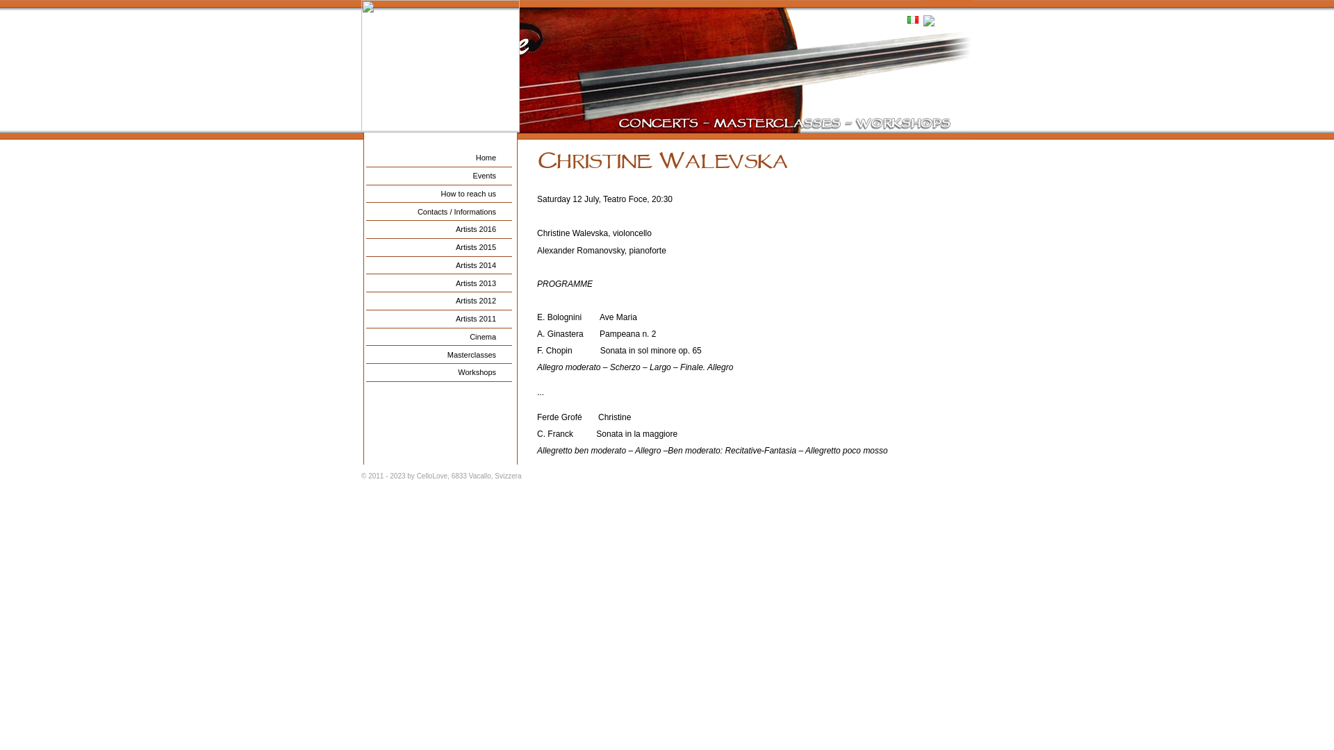 The width and height of the screenshot is (1334, 750). I want to click on 'Cinema', so click(438, 337).